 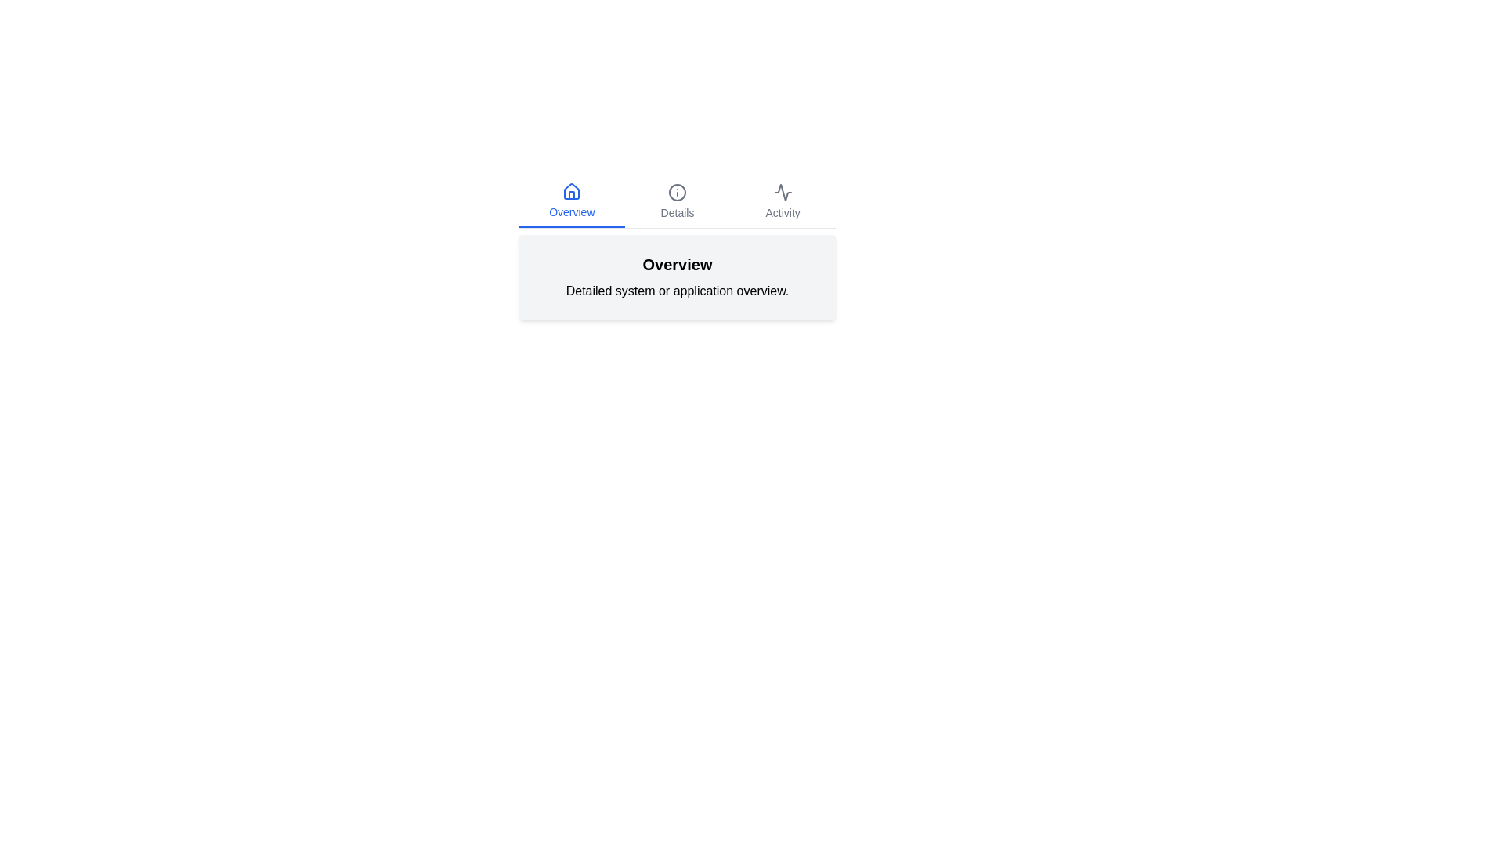 What do you see at coordinates (570, 191) in the screenshot?
I see `the icon of the tab labeled Overview` at bounding box center [570, 191].